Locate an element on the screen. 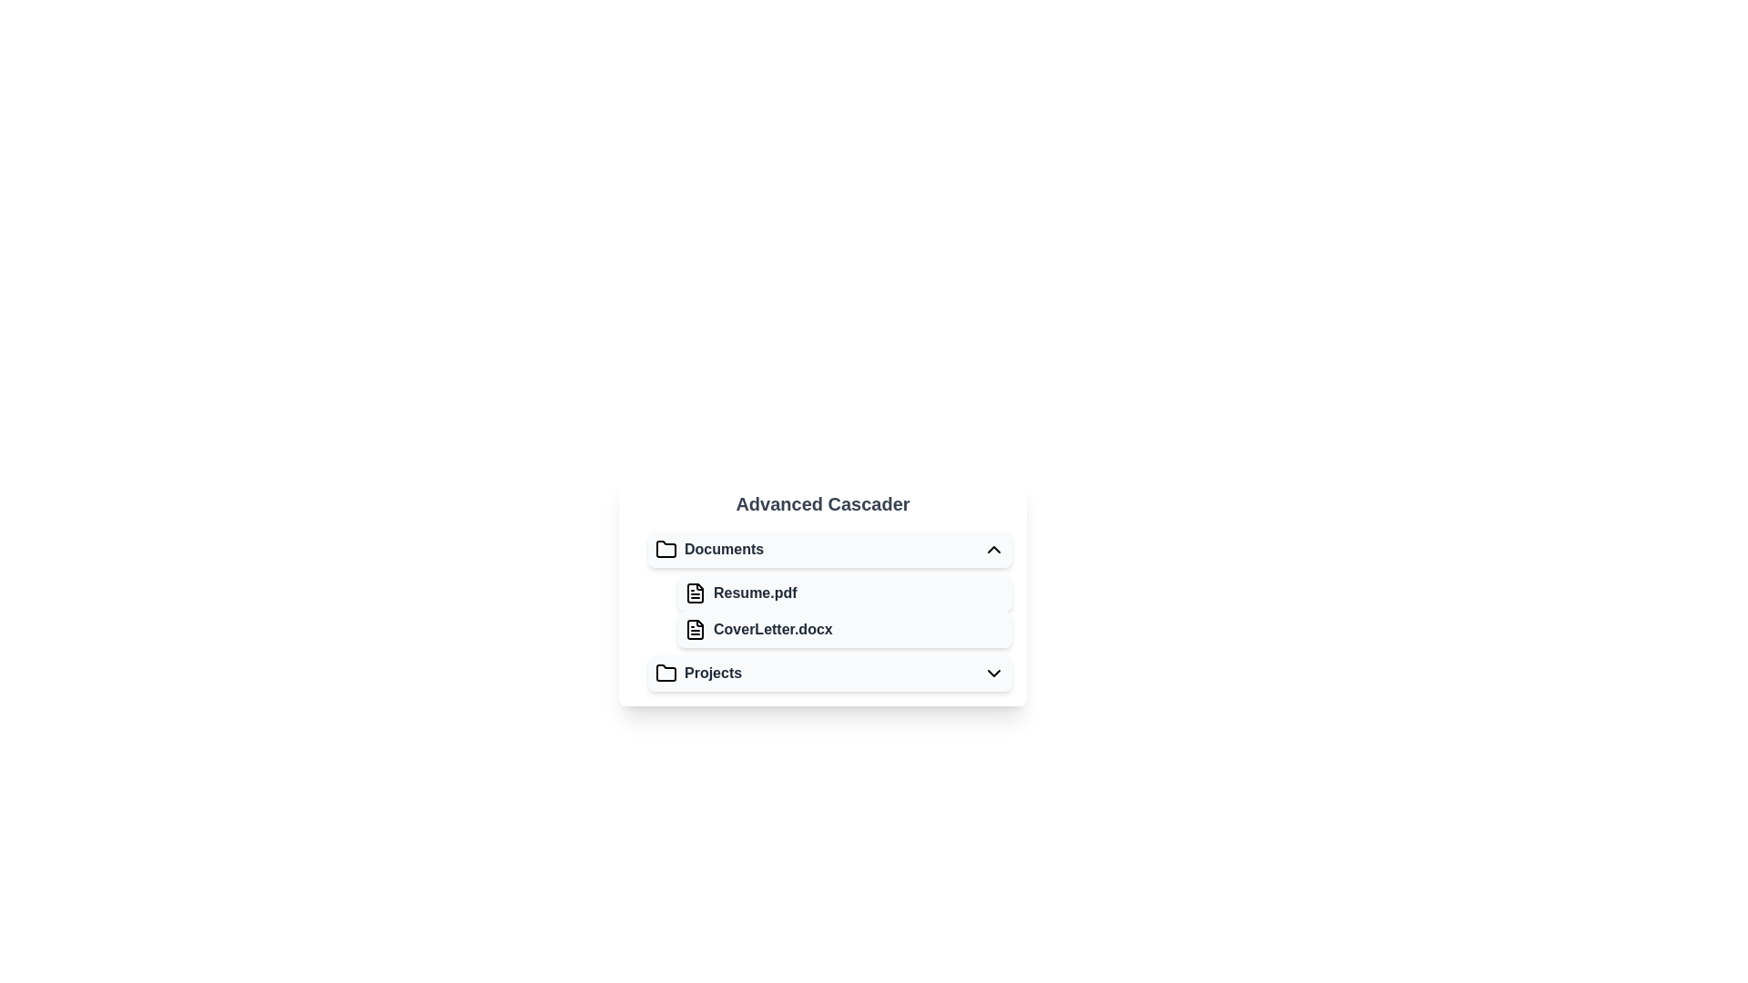  the static text label displaying 'Resume.pdf', which is styled with semibold font-weight and gray color, located next to a file icon in the 'Documents' section of the hierarchical navigation menu is located at coordinates (755, 593).